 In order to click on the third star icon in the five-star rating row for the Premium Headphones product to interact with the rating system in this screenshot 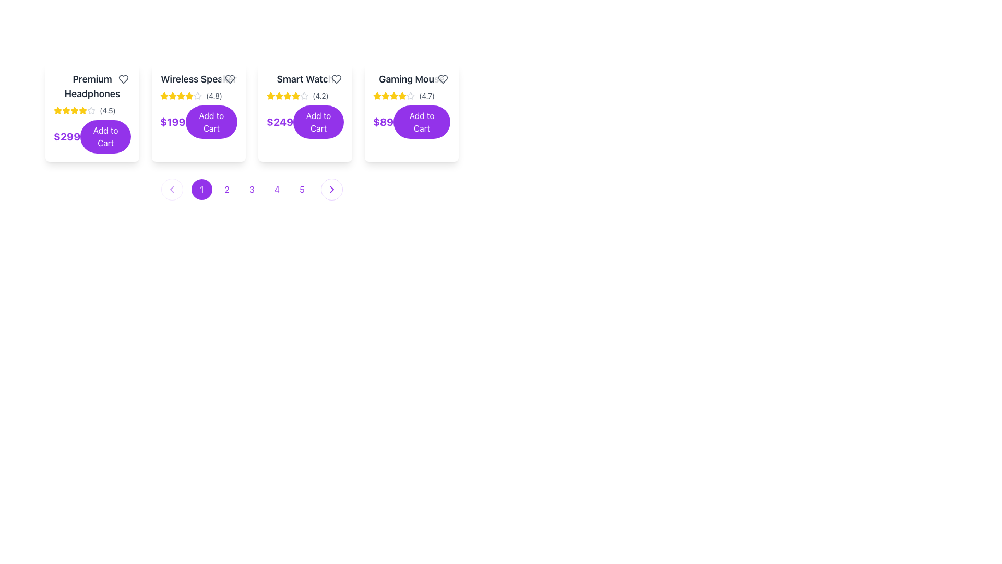, I will do `click(82, 110)`.